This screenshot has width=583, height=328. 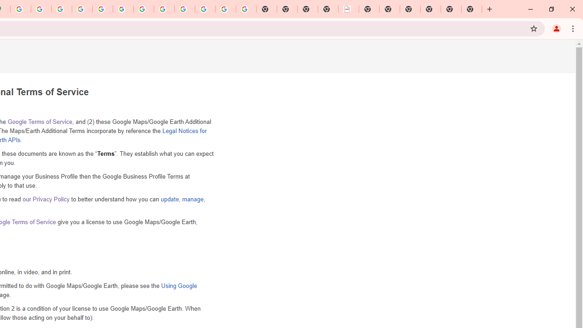 I want to click on 'New Tab', so click(x=471, y=9).